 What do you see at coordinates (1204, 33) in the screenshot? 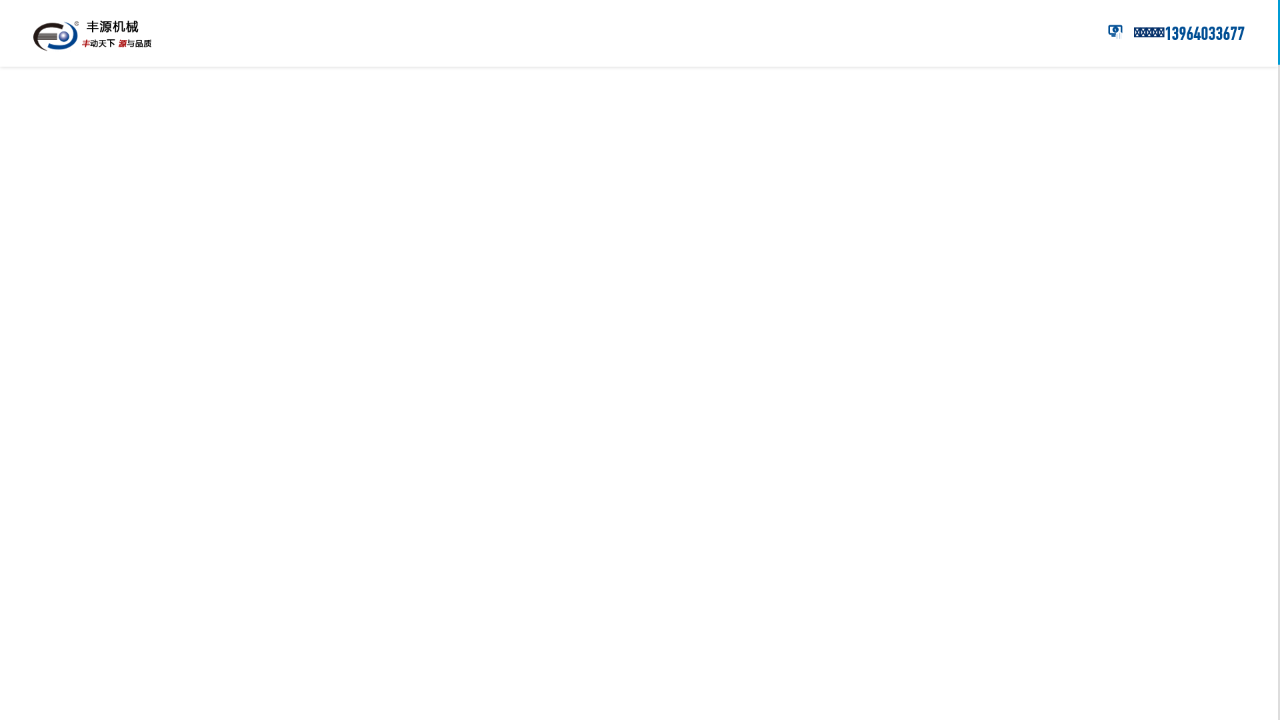
I see `'13964033677'` at bounding box center [1204, 33].